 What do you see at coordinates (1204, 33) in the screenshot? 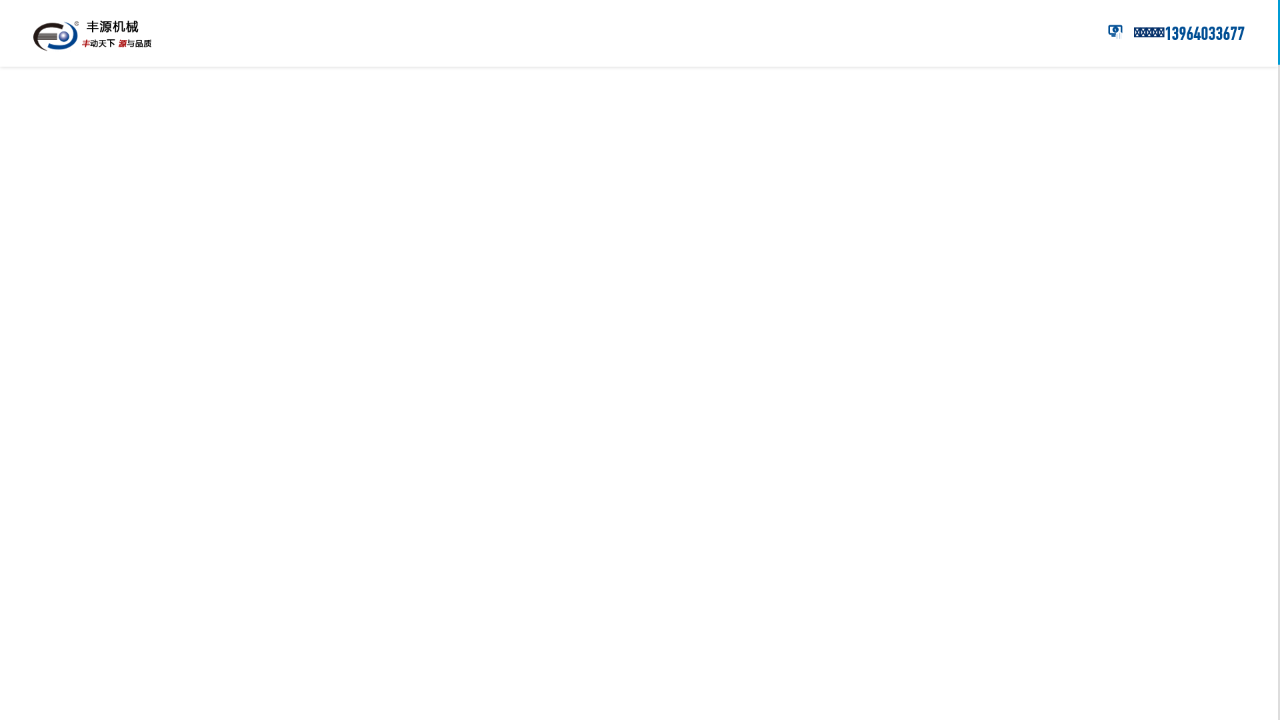
I see `'13964033677'` at bounding box center [1204, 33].